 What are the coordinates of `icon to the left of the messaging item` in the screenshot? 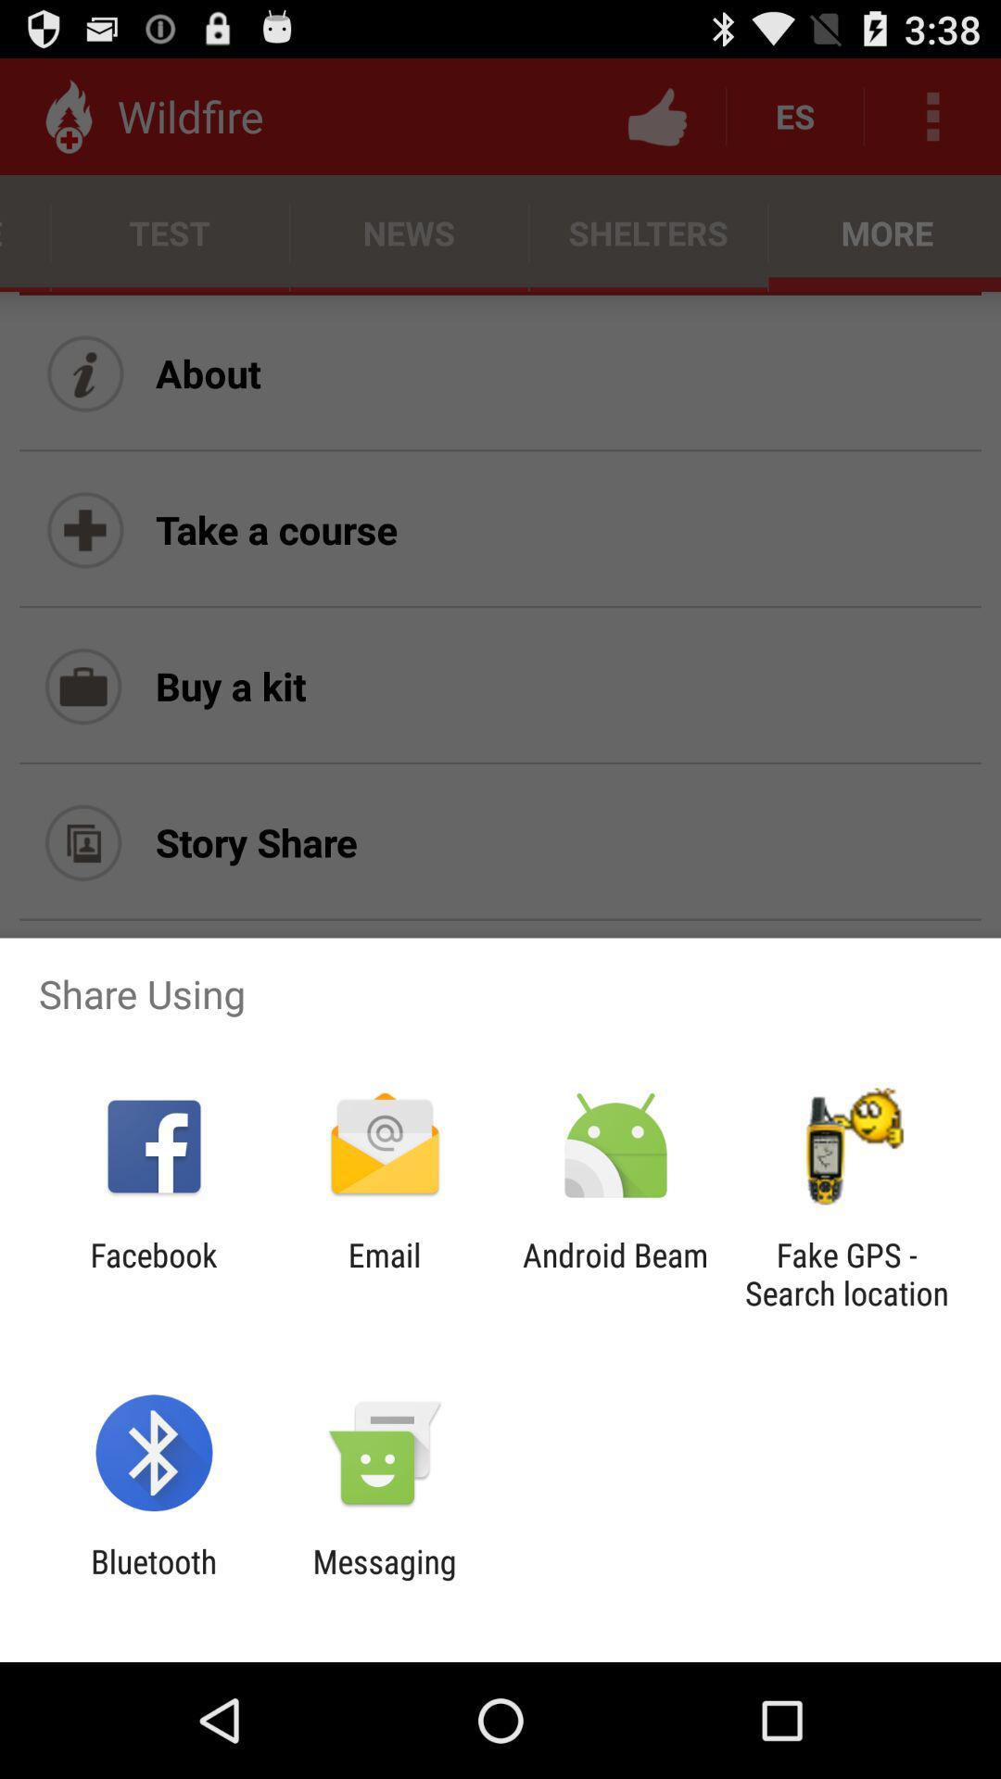 It's located at (153, 1580).